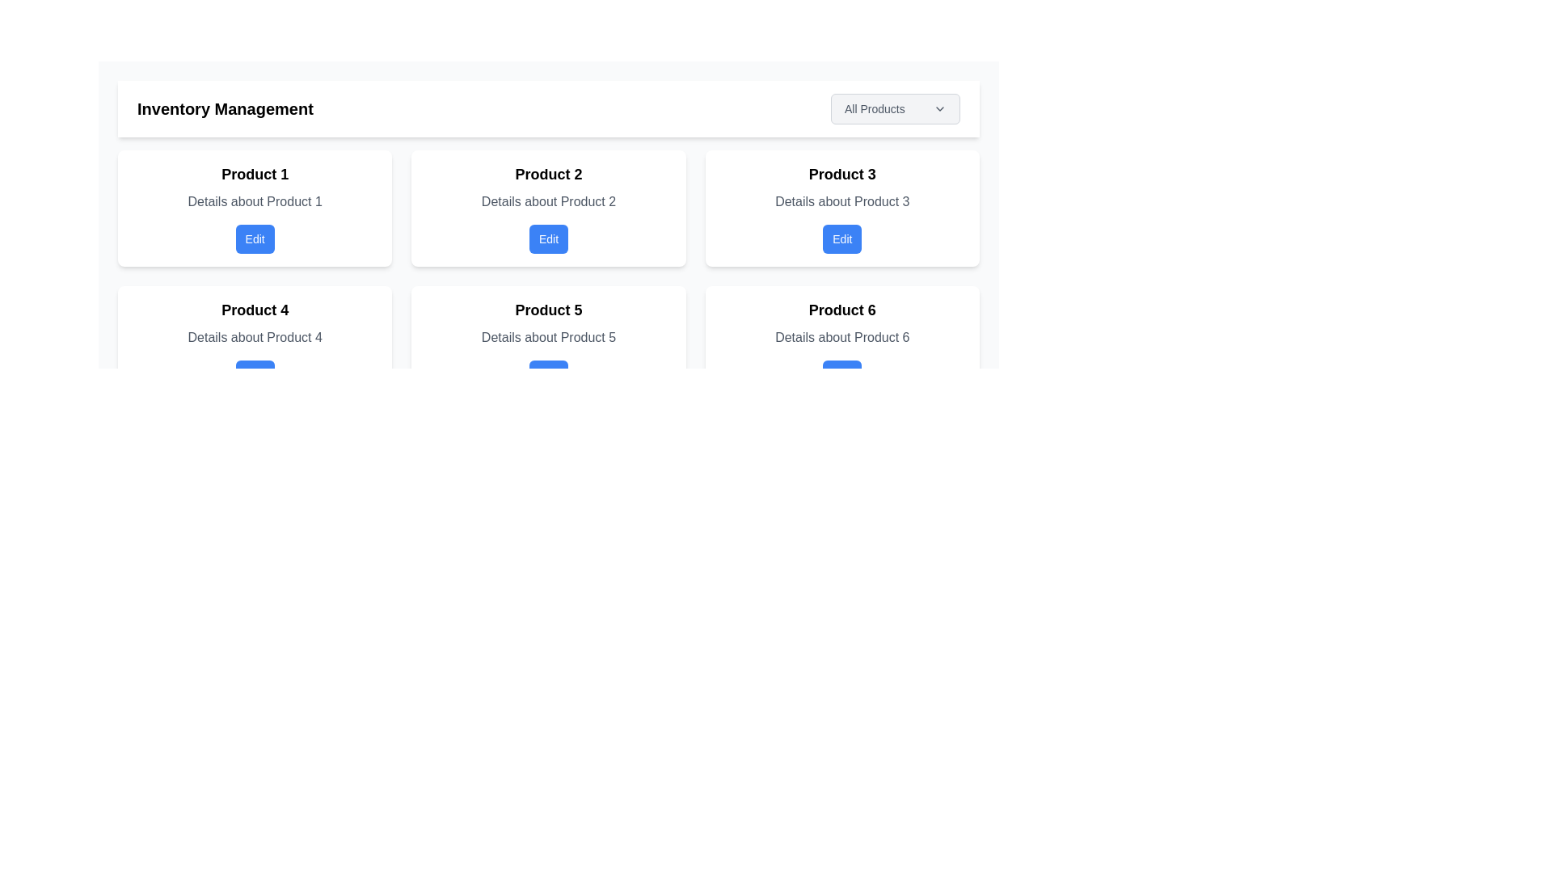 This screenshot has width=1552, height=873. I want to click on the text label displaying 'Details about Product 5', which is located beneath the title 'Product 5' within its card, so click(548, 336).